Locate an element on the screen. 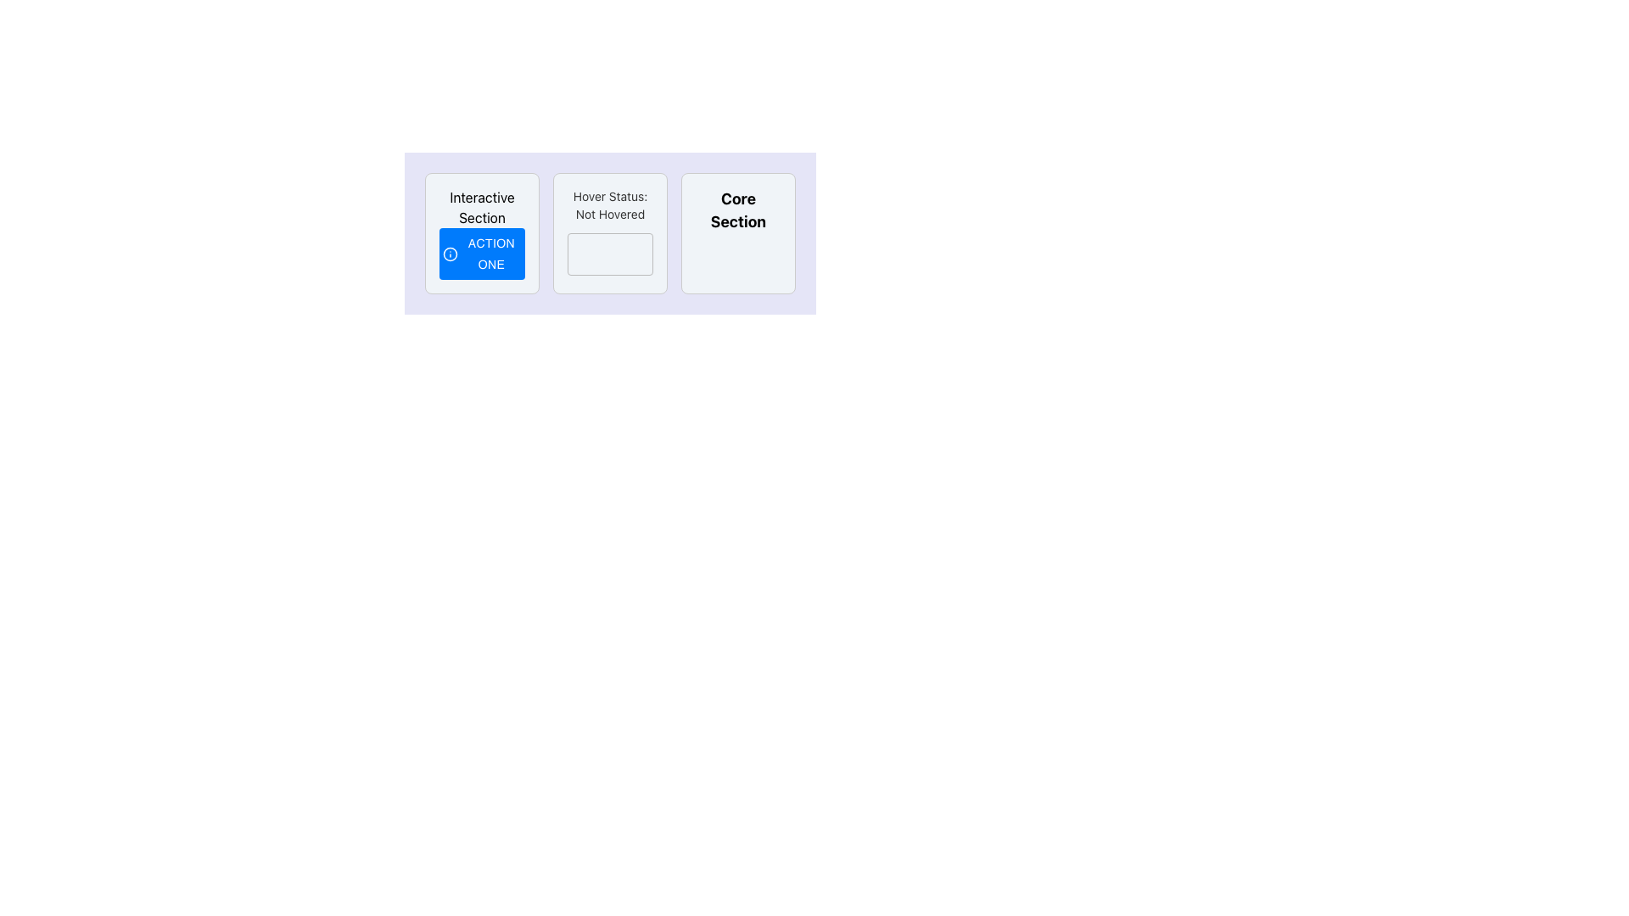 This screenshot has height=916, width=1629. the rectangular blue button labeled 'ACTION ONE' with white text is located at coordinates (481, 254).